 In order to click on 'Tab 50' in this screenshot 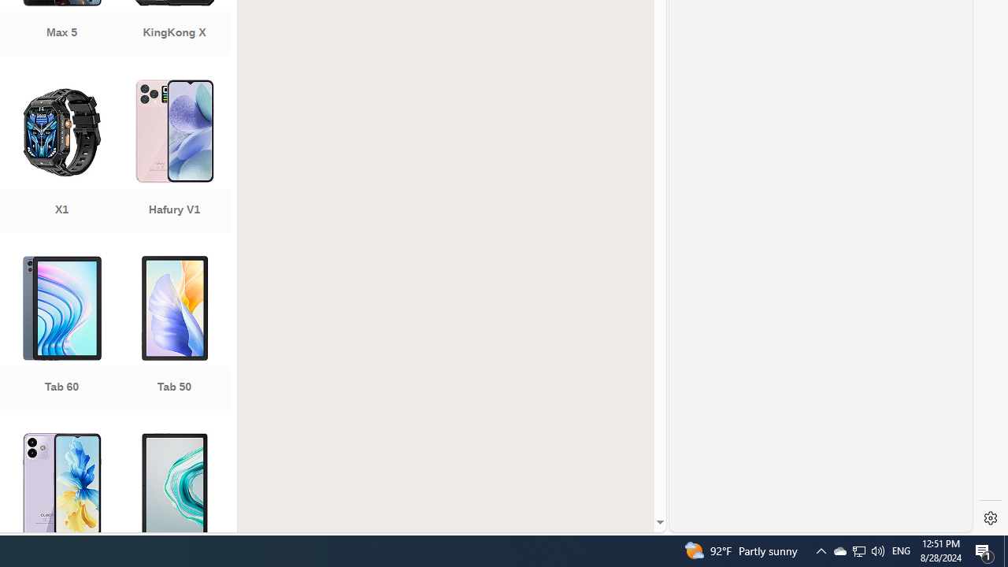, I will do `click(174, 334)`.